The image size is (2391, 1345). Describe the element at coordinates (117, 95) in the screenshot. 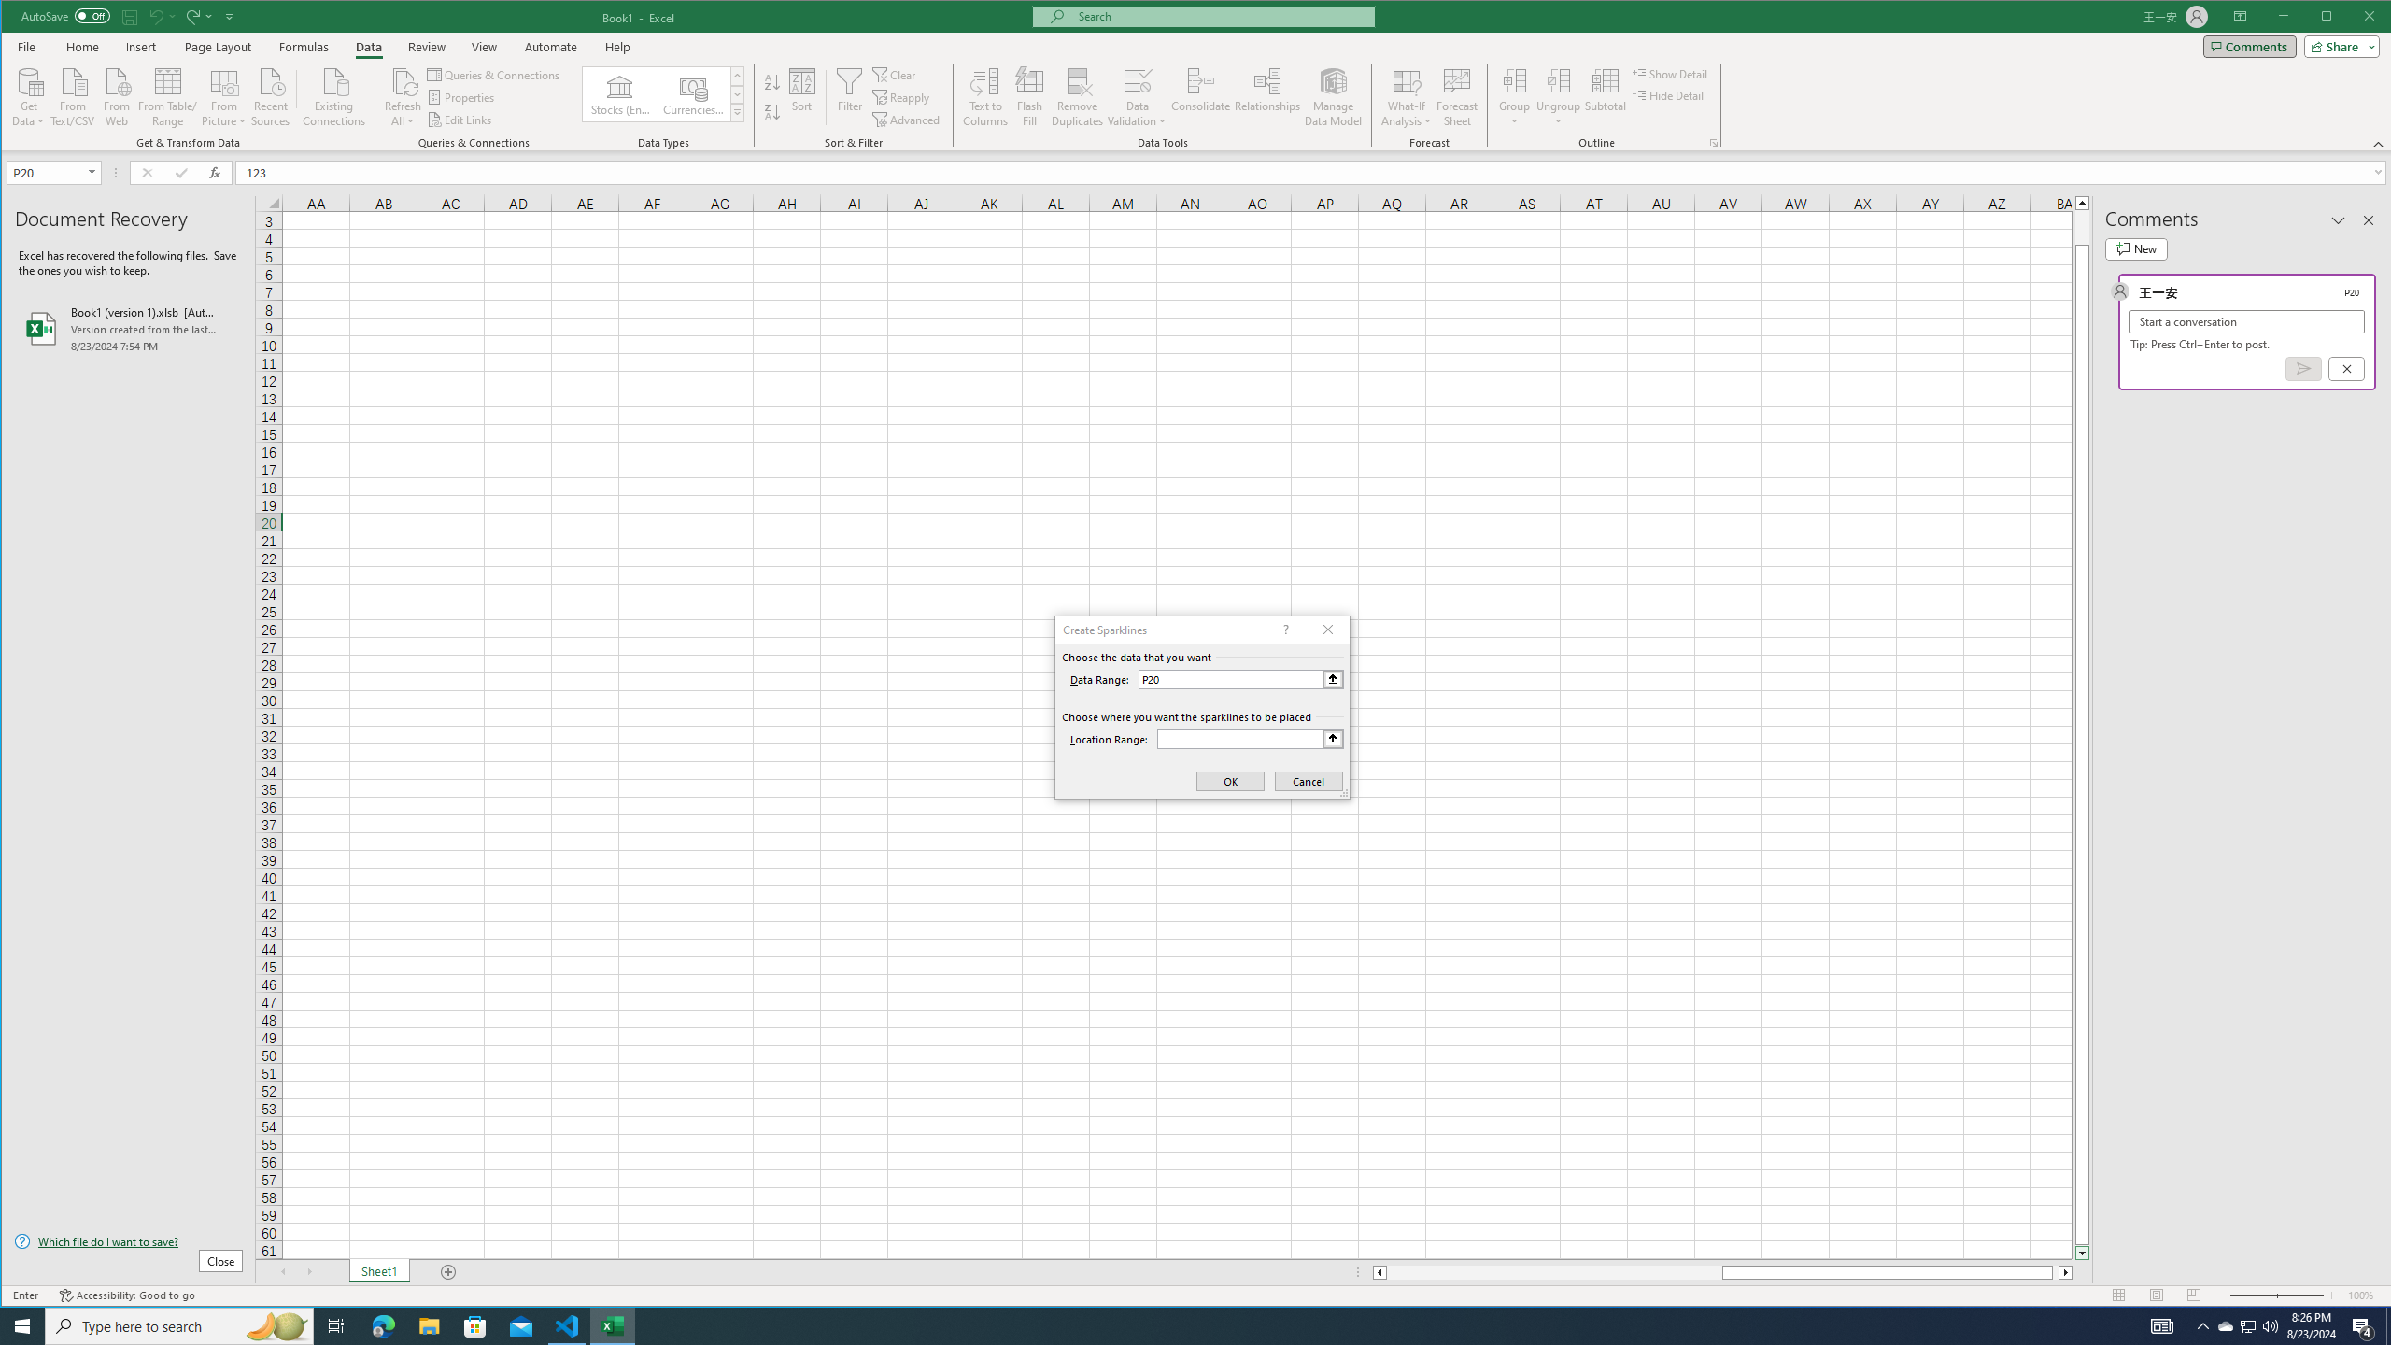

I see `'From Web'` at that location.